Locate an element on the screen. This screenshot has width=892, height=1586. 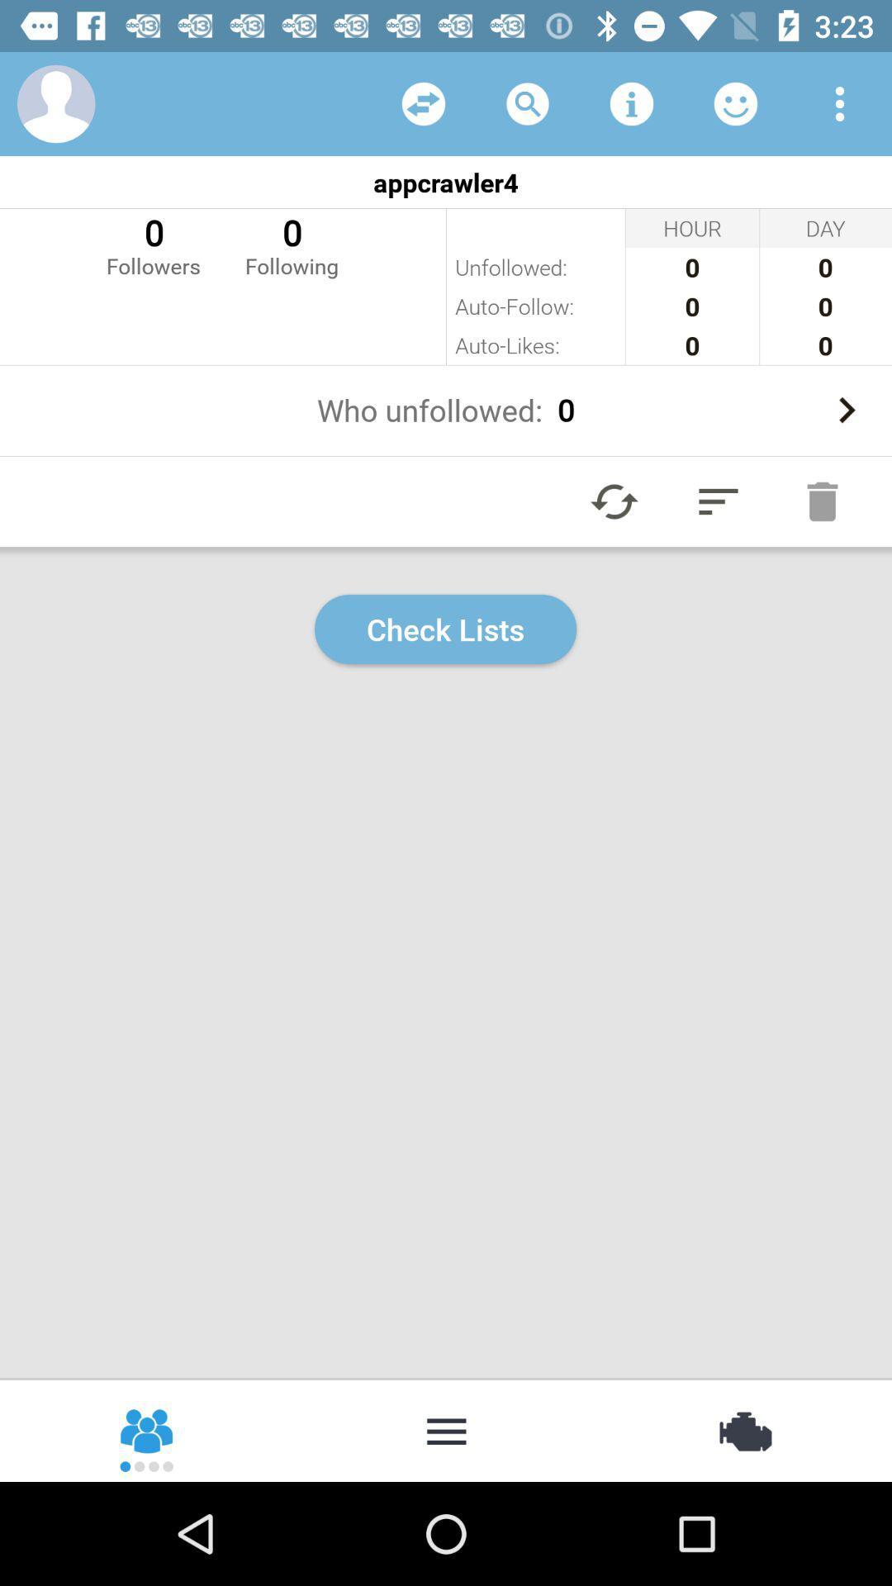
the arrow_forward icon is located at coordinates (846, 410).